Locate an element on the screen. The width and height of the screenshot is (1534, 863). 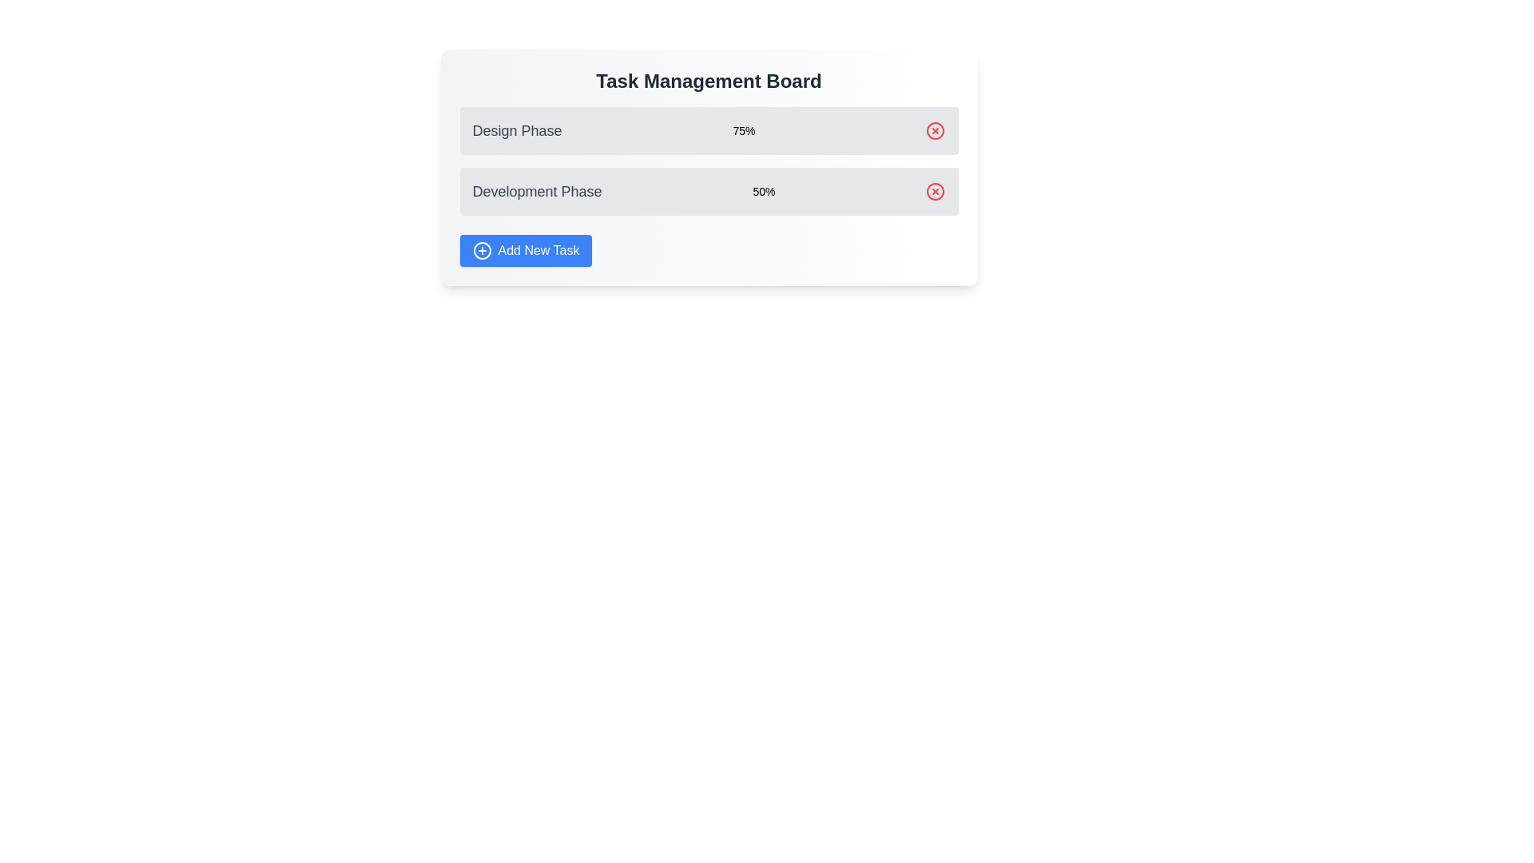
the button for adding a new task, located below the 'Development Phase' section is located at coordinates (526, 250).